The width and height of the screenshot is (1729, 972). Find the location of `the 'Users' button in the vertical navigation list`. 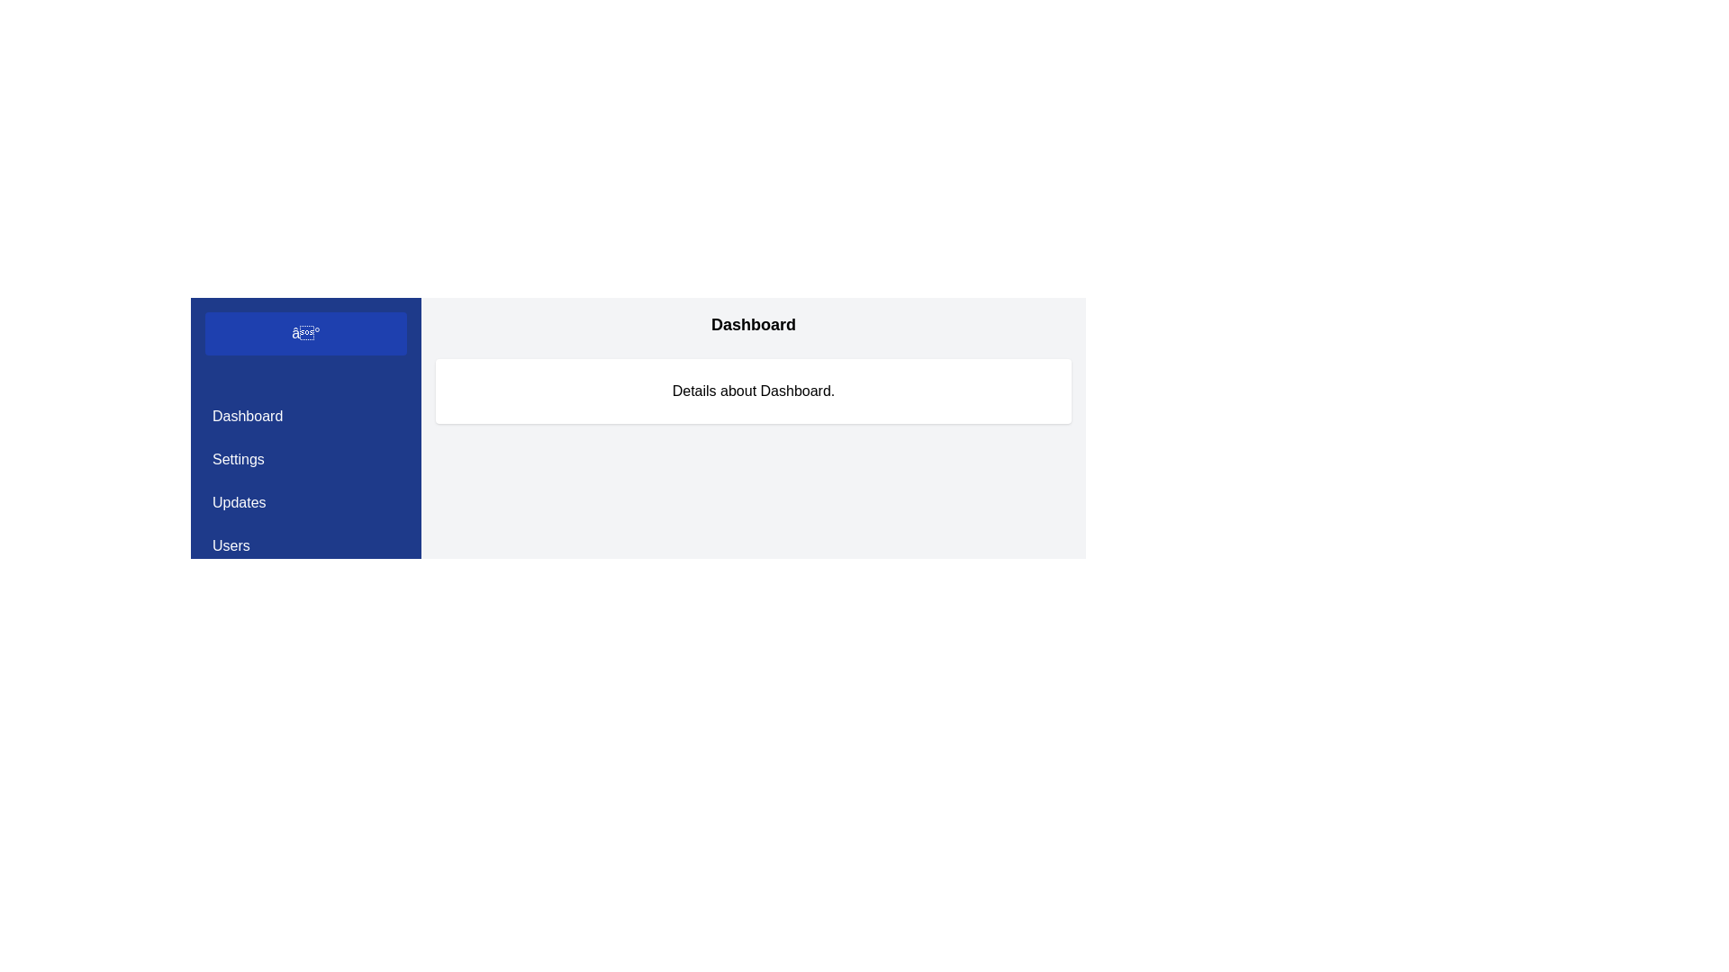

the 'Users' button in the vertical navigation list is located at coordinates (306, 544).